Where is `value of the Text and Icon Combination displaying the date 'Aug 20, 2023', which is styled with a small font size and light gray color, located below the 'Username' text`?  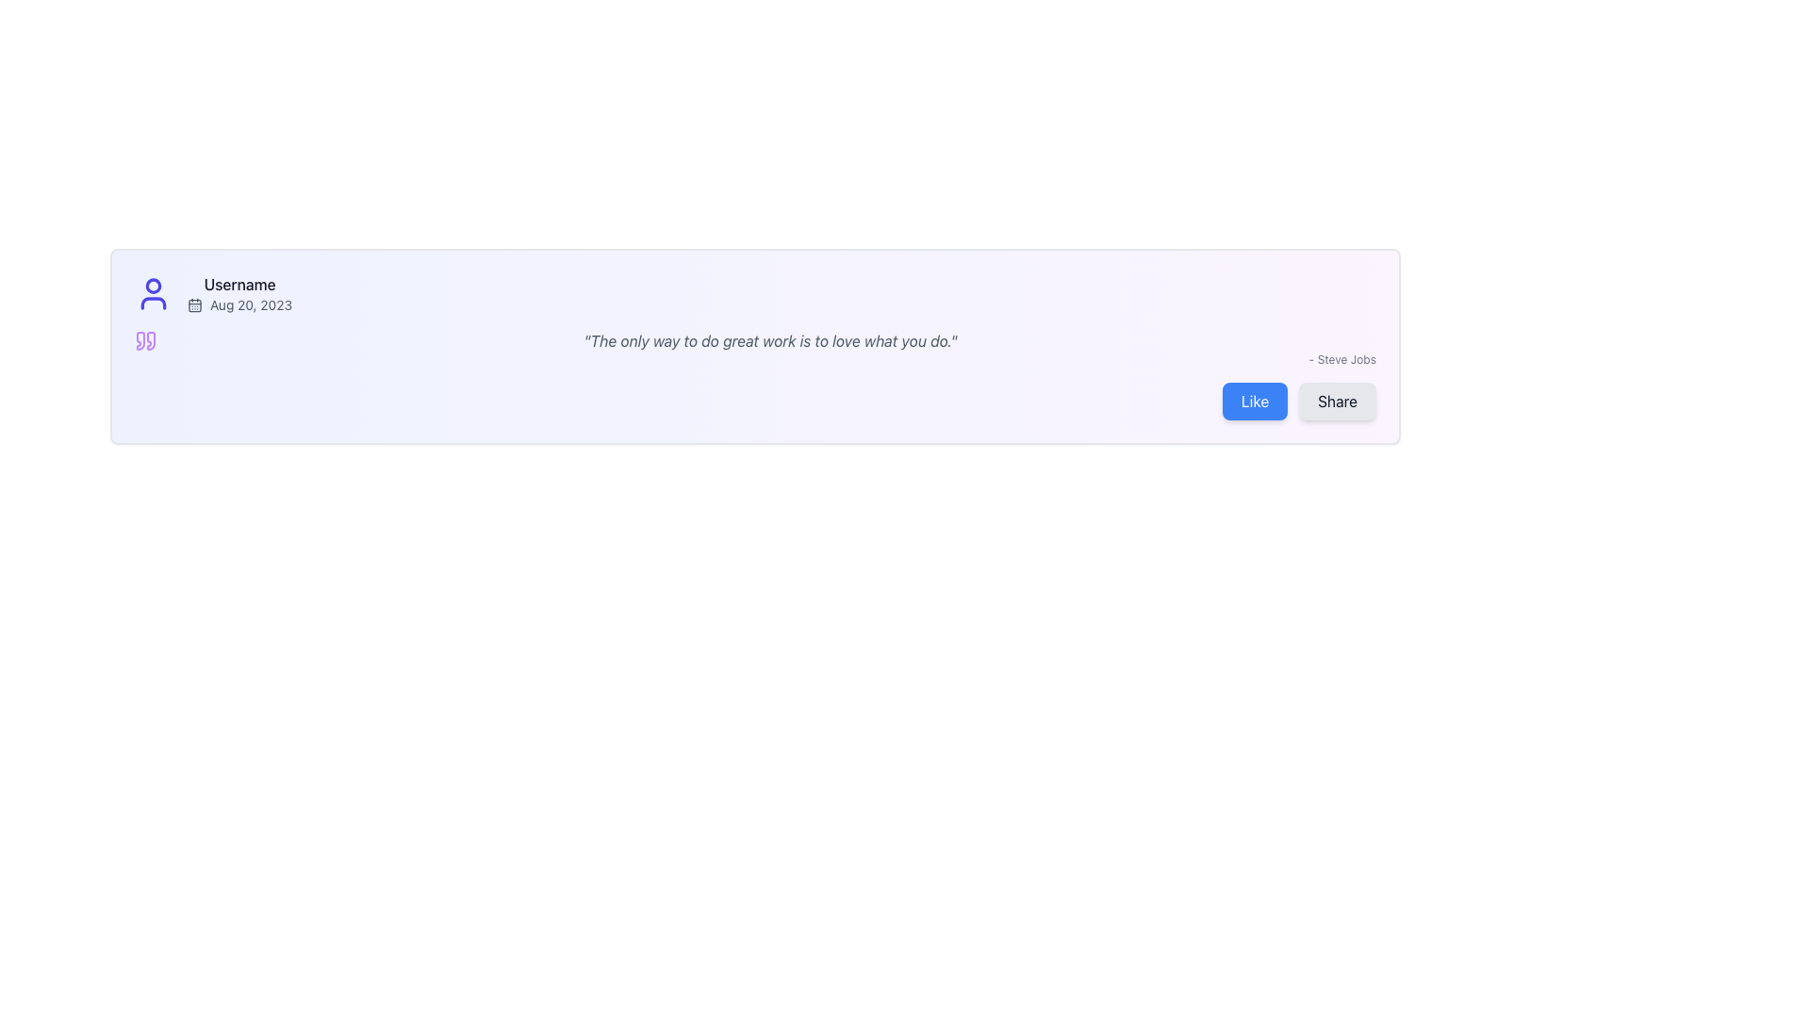 value of the Text and Icon Combination displaying the date 'Aug 20, 2023', which is styled with a small font size and light gray color, located below the 'Username' text is located at coordinates (239, 304).